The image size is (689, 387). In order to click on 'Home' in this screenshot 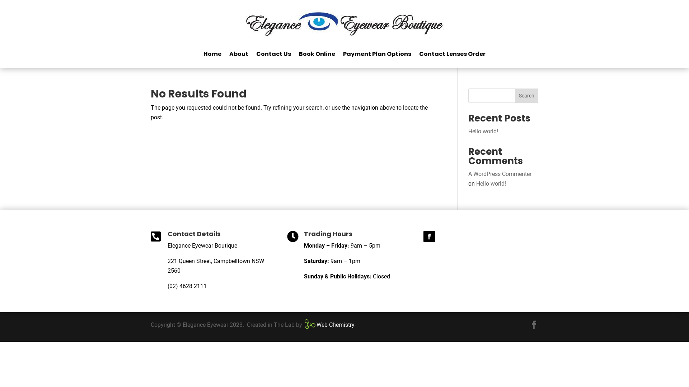, I will do `click(212, 53)`.